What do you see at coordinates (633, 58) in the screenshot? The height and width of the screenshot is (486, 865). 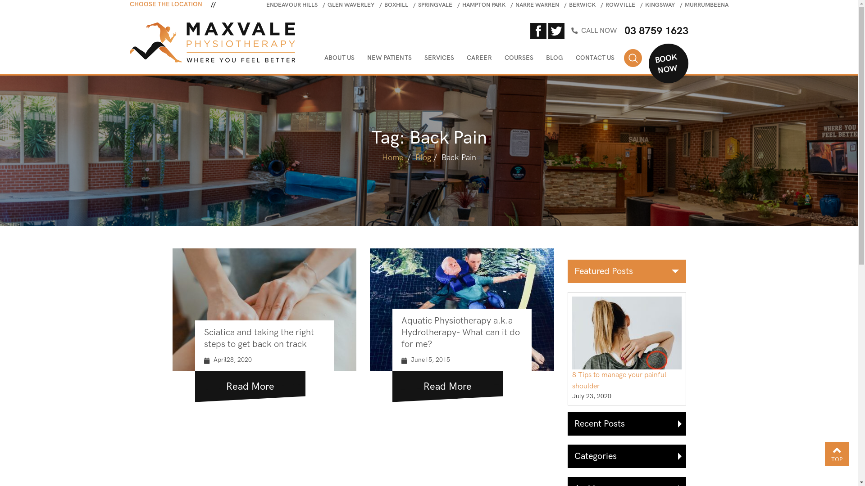 I see `'Search'` at bounding box center [633, 58].